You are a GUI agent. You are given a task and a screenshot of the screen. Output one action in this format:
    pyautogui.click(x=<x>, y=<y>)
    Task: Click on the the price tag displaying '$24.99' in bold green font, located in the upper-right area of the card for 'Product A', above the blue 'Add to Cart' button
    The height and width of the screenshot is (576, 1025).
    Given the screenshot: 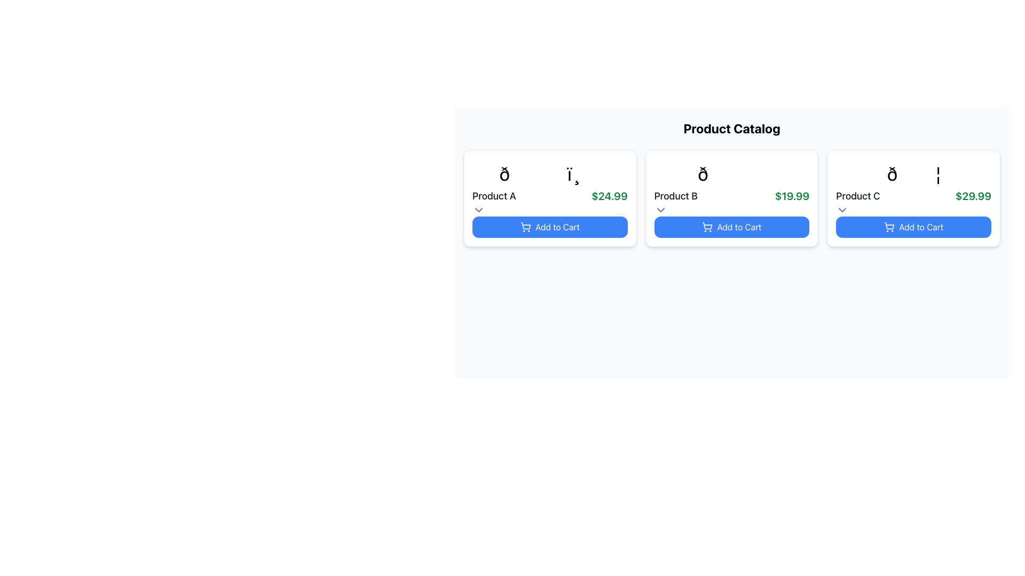 What is the action you would take?
    pyautogui.click(x=610, y=196)
    